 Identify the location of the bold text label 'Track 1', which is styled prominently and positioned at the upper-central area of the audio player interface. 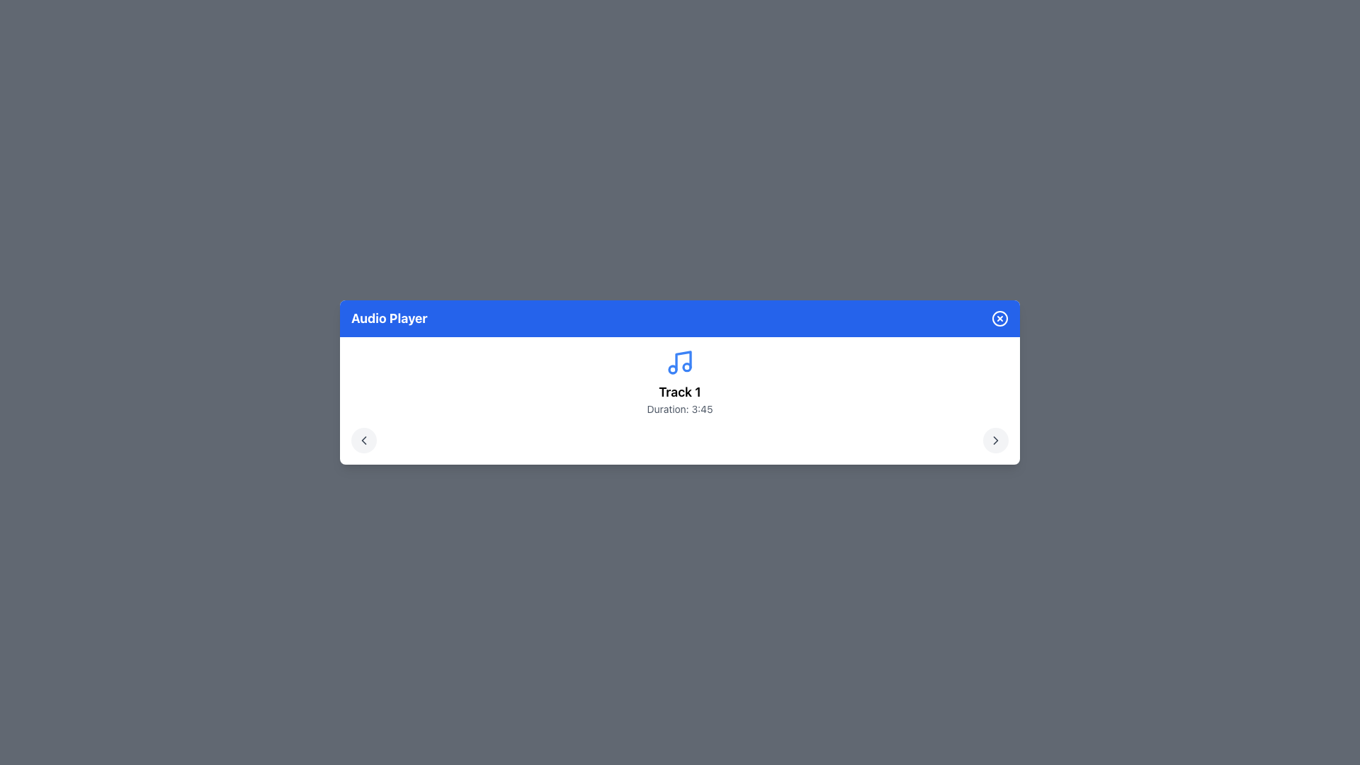
(680, 392).